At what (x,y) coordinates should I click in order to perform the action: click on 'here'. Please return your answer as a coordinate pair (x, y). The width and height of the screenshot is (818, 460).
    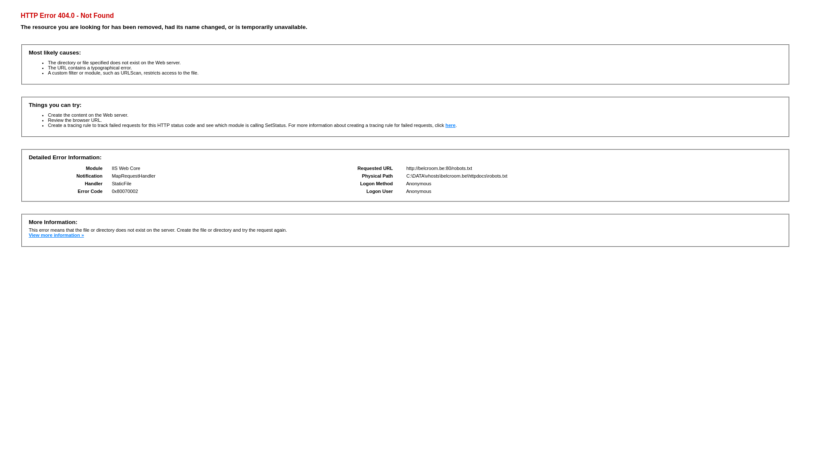
    Looking at the image, I should click on (450, 125).